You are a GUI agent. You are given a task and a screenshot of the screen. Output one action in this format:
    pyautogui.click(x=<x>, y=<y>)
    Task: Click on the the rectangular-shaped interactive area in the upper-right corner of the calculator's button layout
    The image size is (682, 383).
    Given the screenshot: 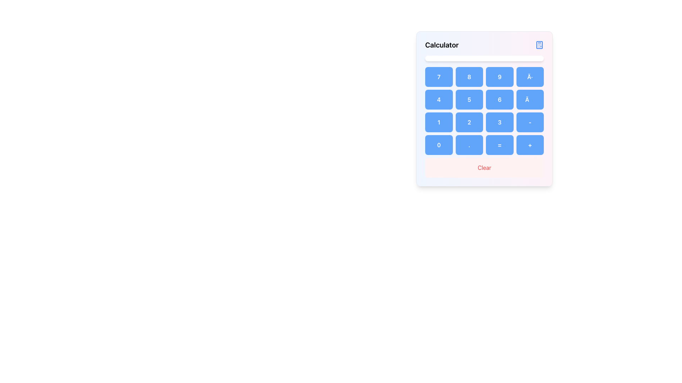 What is the action you would take?
    pyautogui.click(x=539, y=45)
    